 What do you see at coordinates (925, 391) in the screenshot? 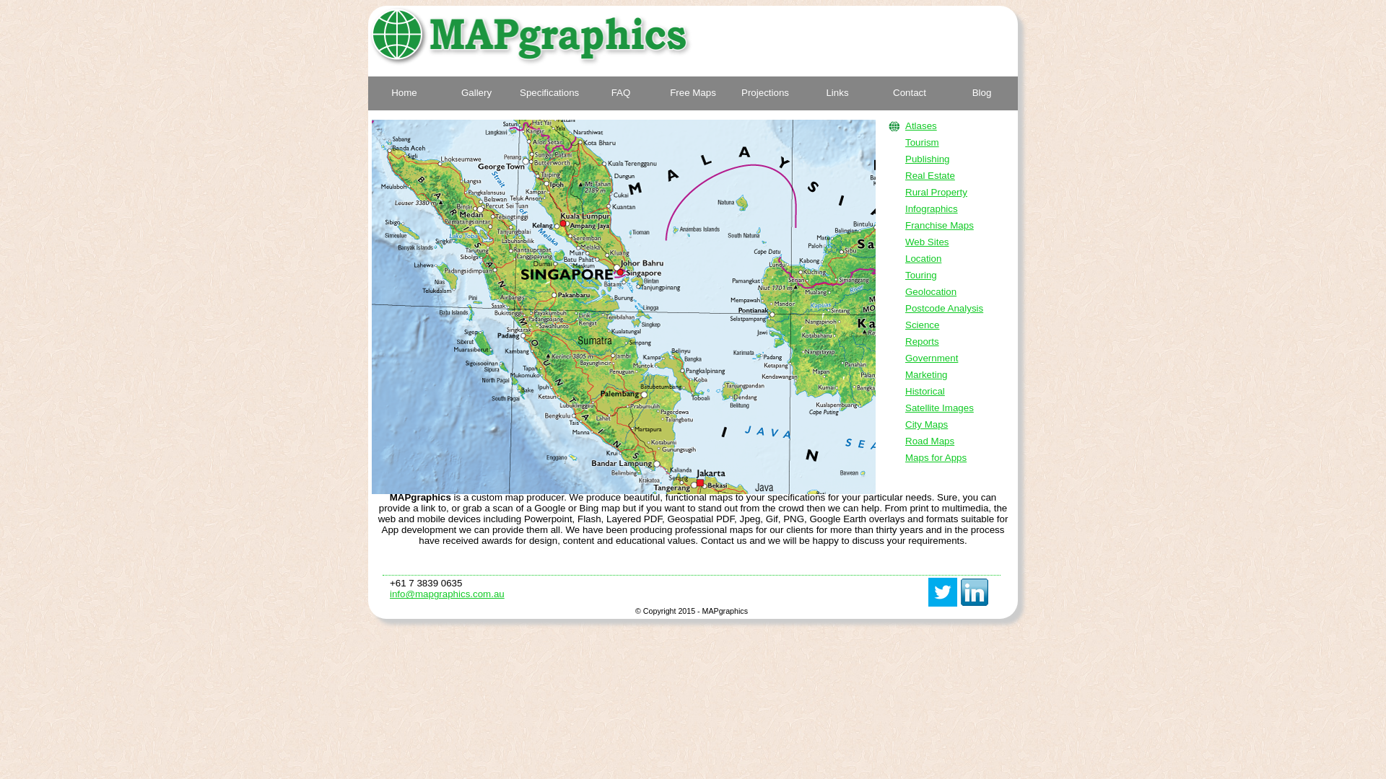
I see `'Historical'` at bounding box center [925, 391].